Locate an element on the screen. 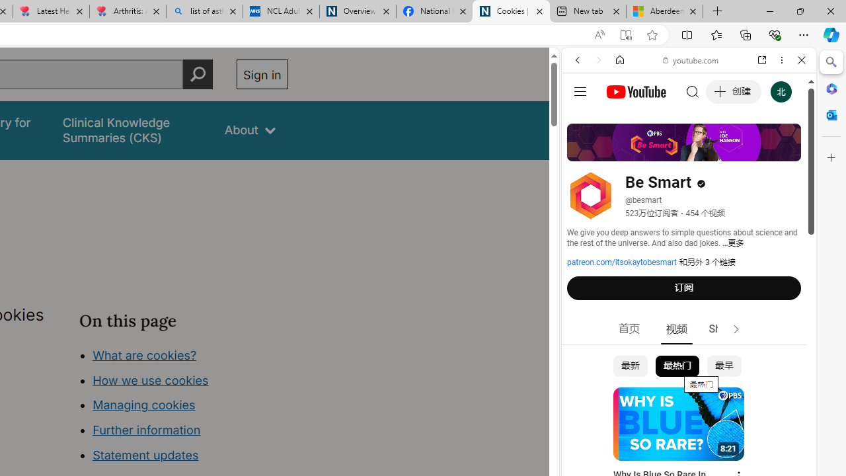 The image size is (846, 476). 'Aberdeen, Hong Kong SAR hourly forecast | Microsoft Weather' is located at coordinates (665, 11).